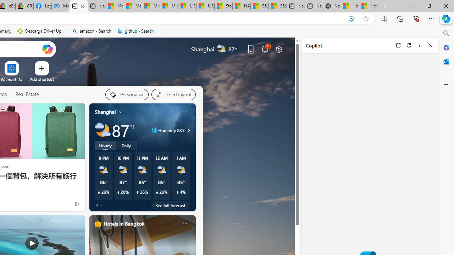 The height and width of the screenshot is (255, 454). I want to click on 'Minimize', so click(413, 6).